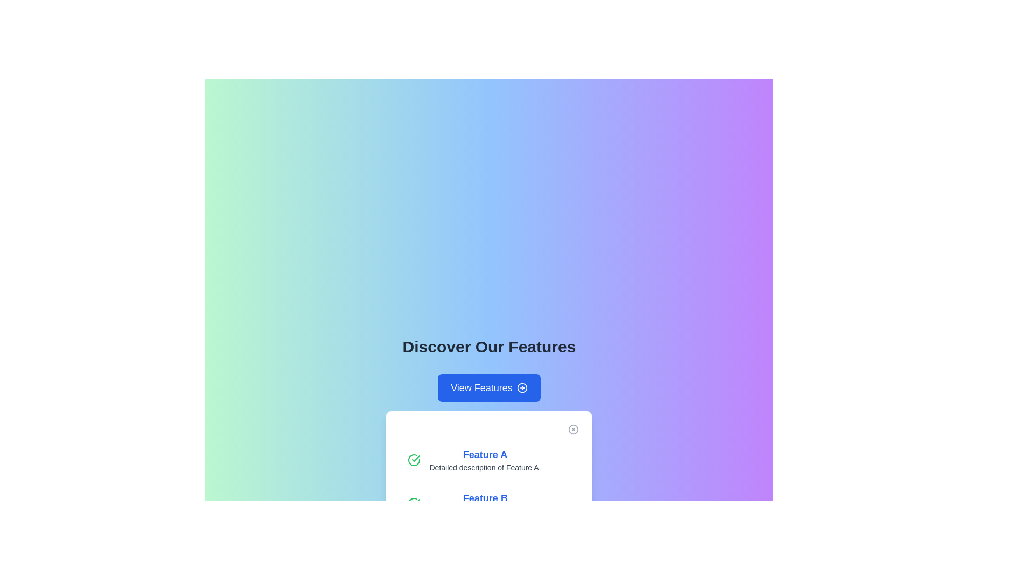 Image resolution: width=1034 pixels, height=582 pixels. I want to click on the decorative SVG circle element located in the top-right corner of a card, which serves as a framing for an interactive dismiss button, so click(573, 429).